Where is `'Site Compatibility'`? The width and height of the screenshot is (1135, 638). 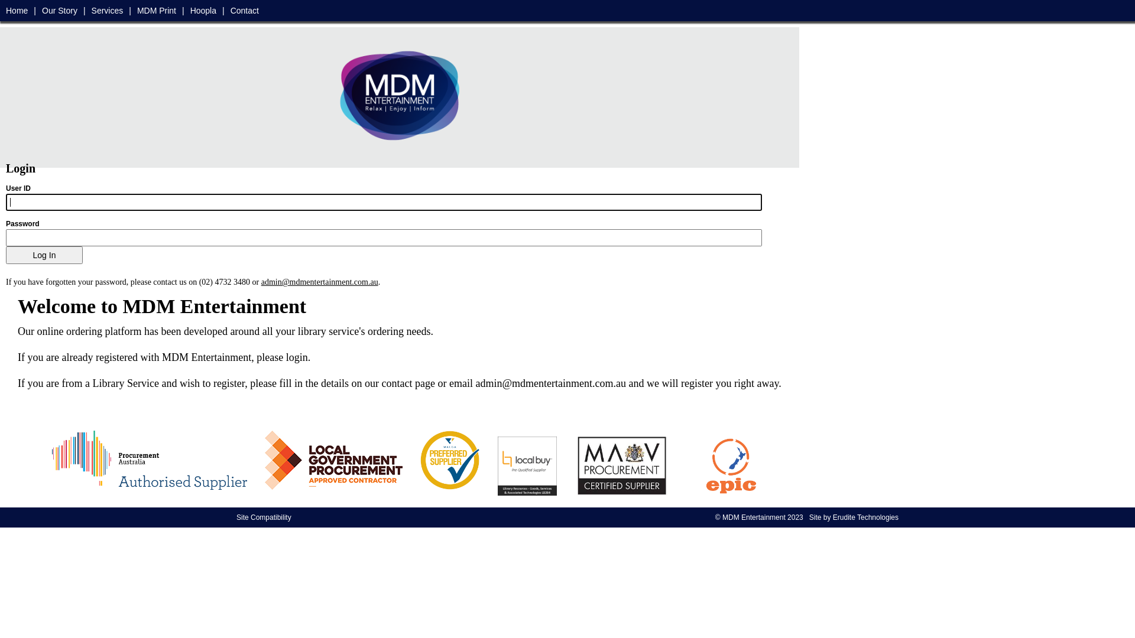
'Site Compatibility' is located at coordinates (263, 516).